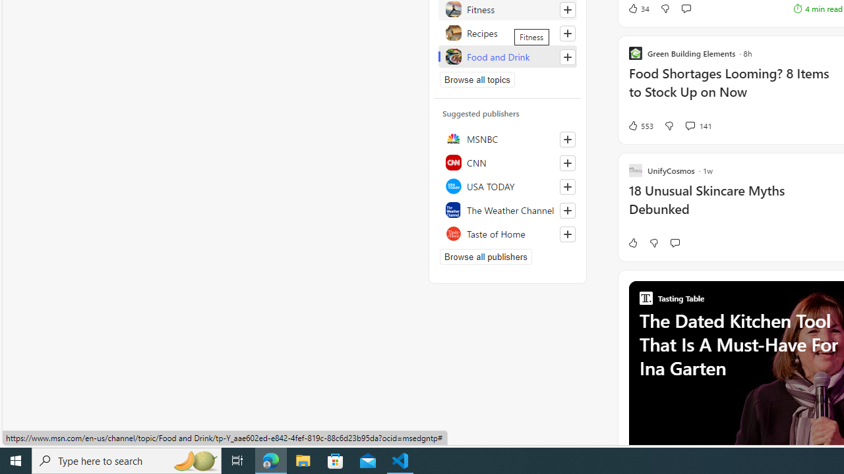 The width and height of the screenshot is (844, 474). Describe the element at coordinates (507, 161) in the screenshot. I see `'CNN'` at that location.